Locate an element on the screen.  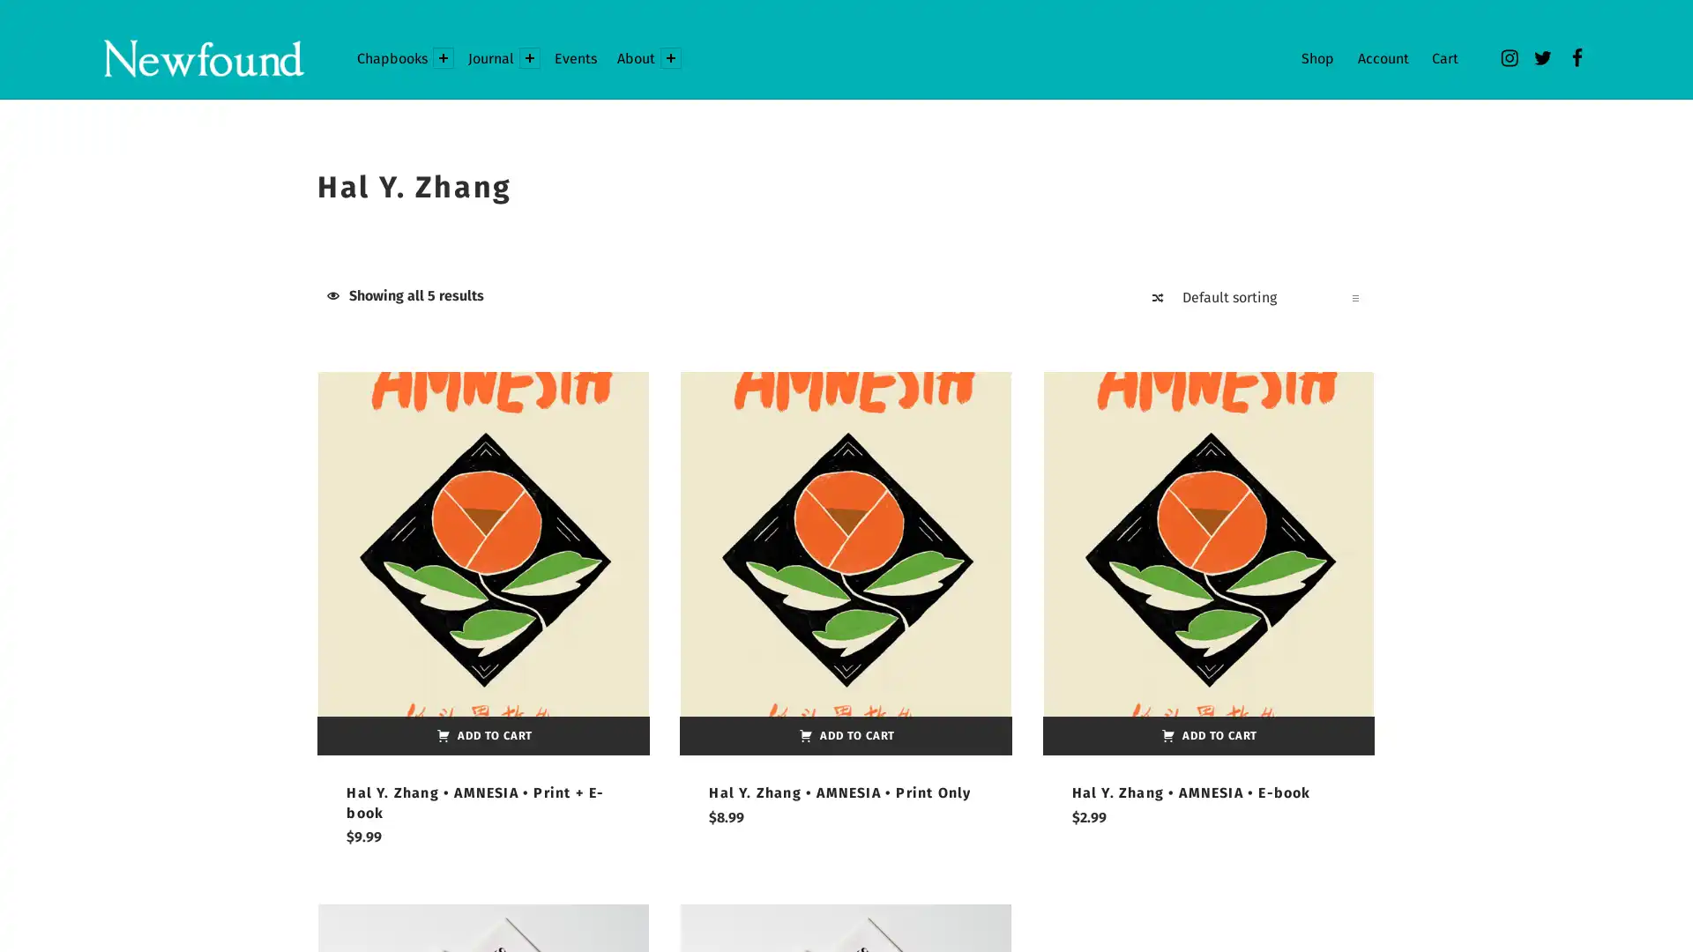
Expand menu: About is located at coordinates (668, 56).